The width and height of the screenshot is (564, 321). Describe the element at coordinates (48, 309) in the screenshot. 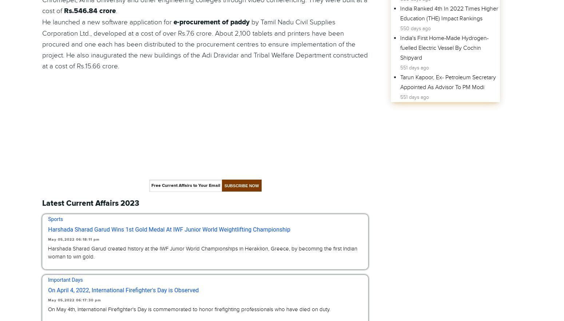

I see `'On May 4th, International Firefighter's Day is commemorated to honor firefighting professionals who have died on duty.'` at that location.